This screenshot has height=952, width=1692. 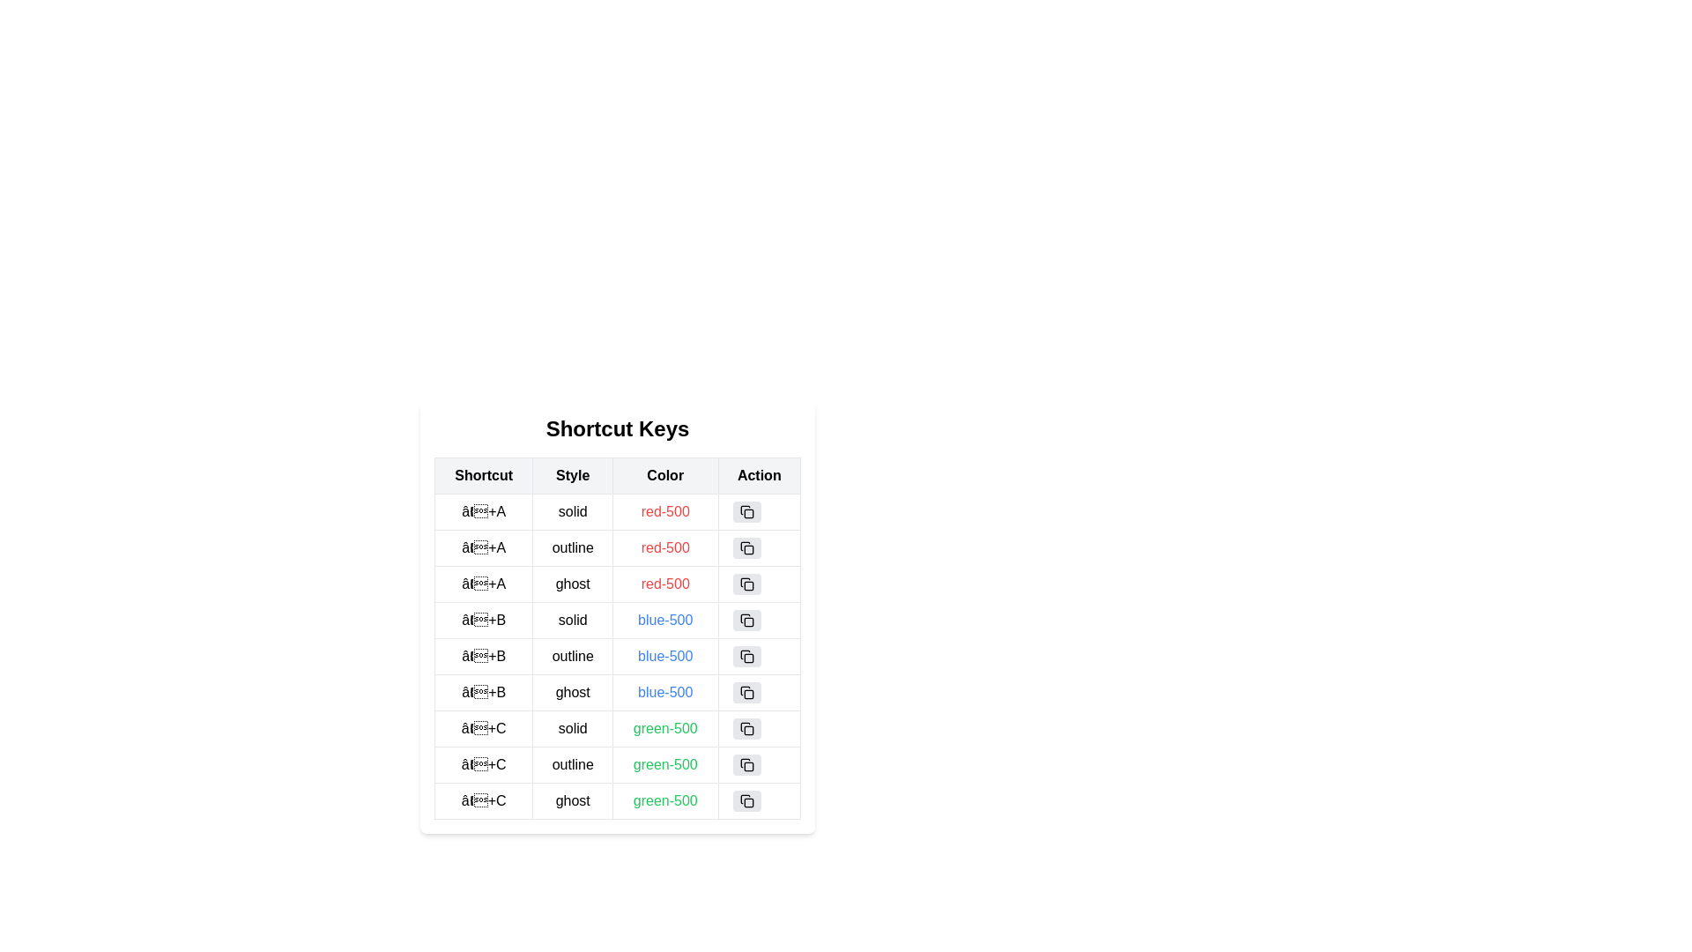 What do you see at coordinates (664, 692) in the screenshot?
I see `the blue text label displaying 'blue-500' in the 'Color' column of the table corresponding to the 'ghost' style` at bounding box center [664, 692].